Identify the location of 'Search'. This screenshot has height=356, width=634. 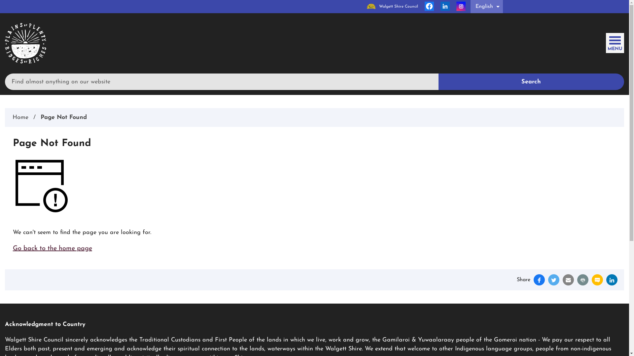
(439, 81).